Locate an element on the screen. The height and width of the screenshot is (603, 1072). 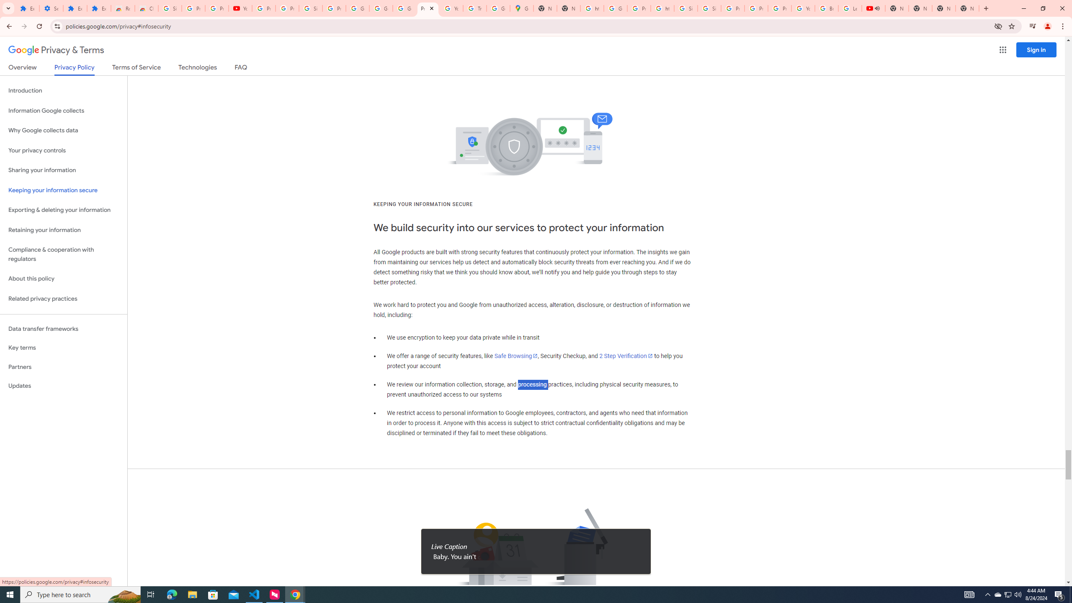
'Chrome Web Store - Themes' is located at coordinates (146, 8).